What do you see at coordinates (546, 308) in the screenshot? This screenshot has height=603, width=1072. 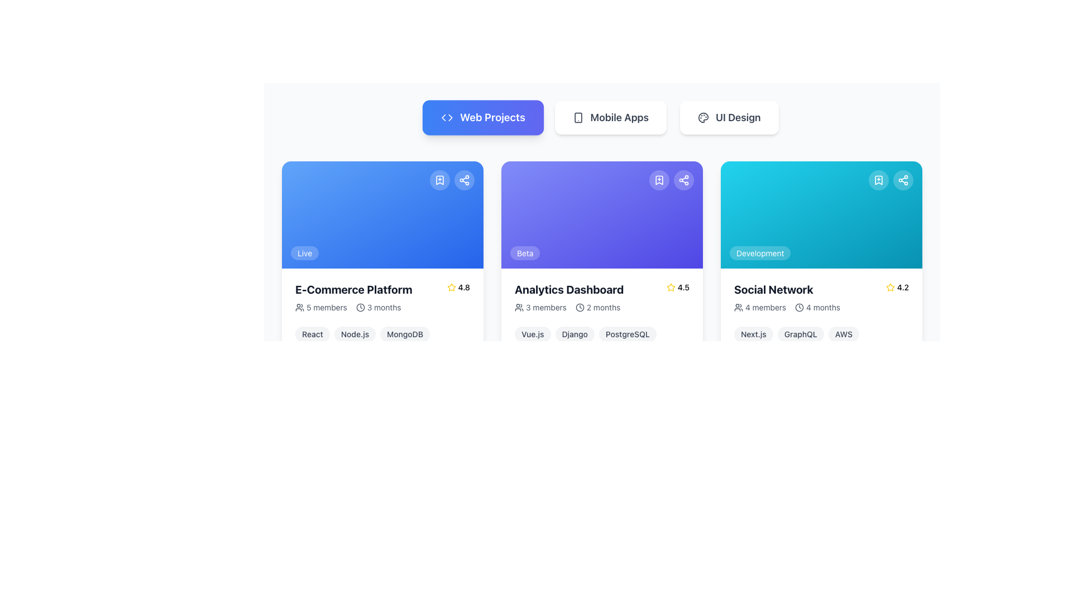 I see `the text label displaying '3 members', which is styled in gray and positioned next to a user icon within the middle card of the triplet layout` at bounding box center [546, 308].